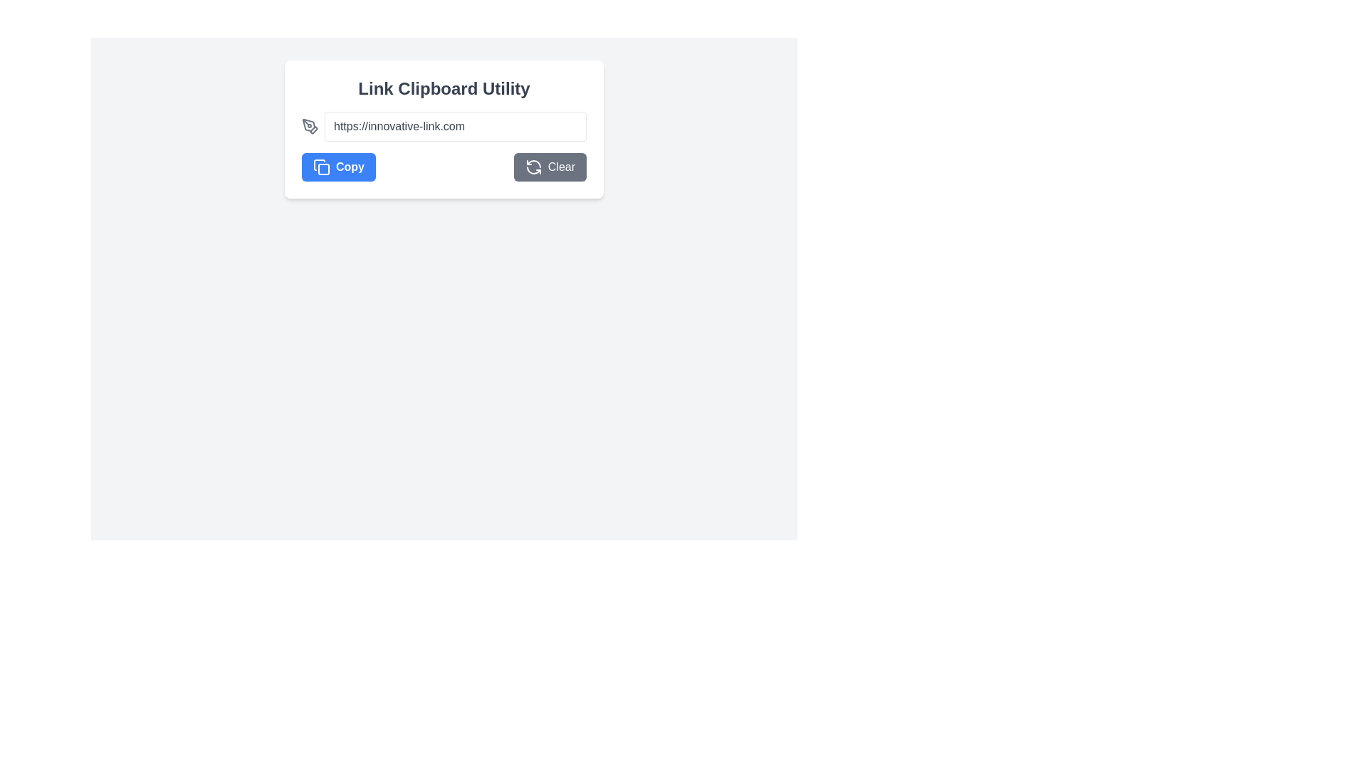 The height and width of the screenshot is (769, 1367). What do you see at coordinates (337, 167) in the screenshot?
I see `the 'Copy' button, which has a vibrant blue background and contains the text 'Copy' in white, to copy the URL to the clipboard` at bounding box center [337, 167].